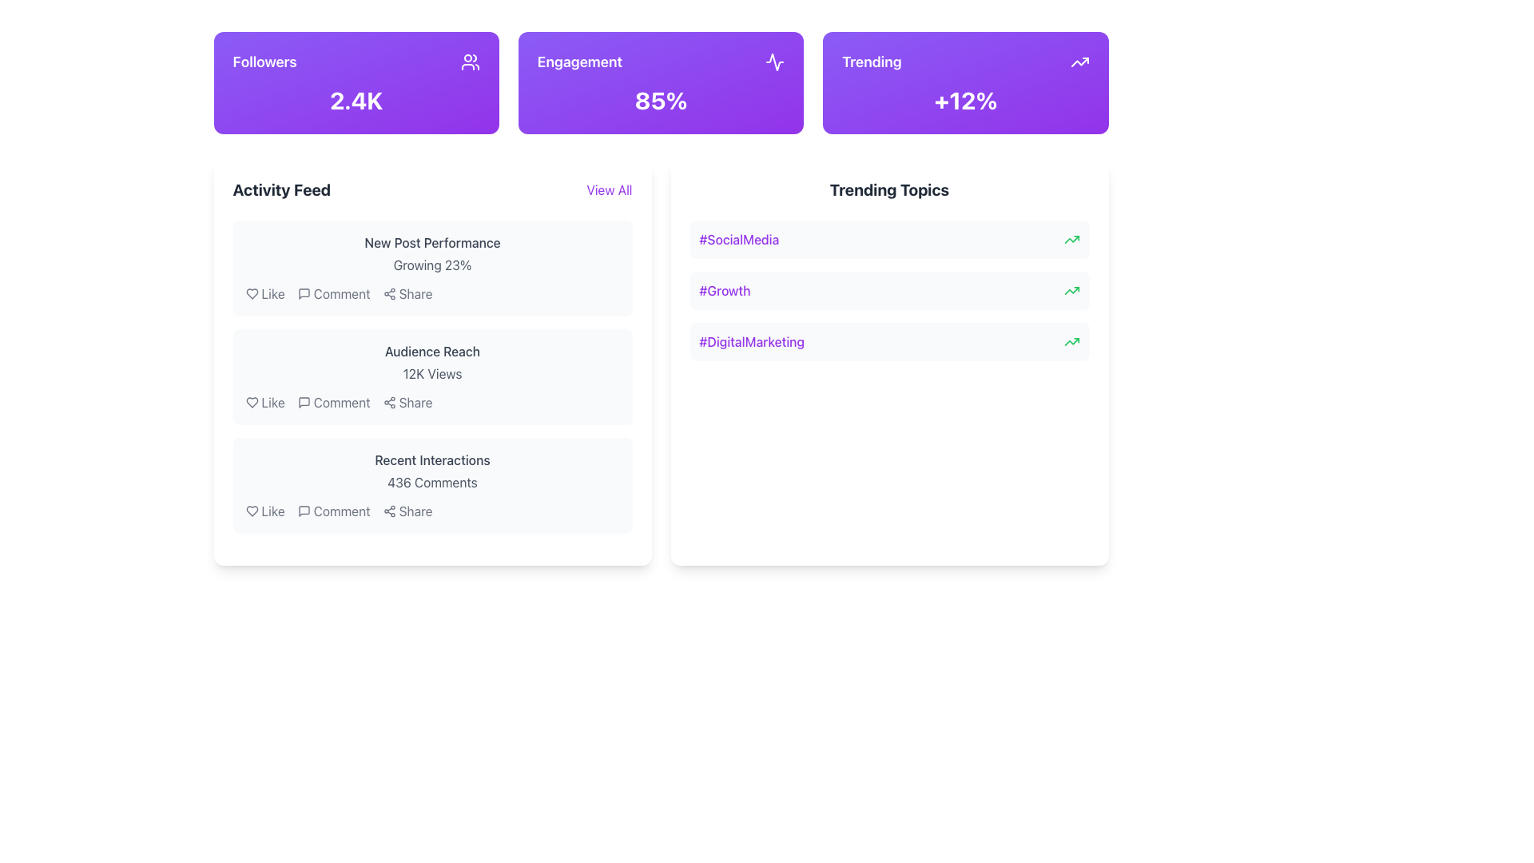  Describe the element at coordinates (333, 511) in the screenshot. I see `the 'Comment' button, the second interactive button in the horizontal group of 'Like', 'Comment', and 'Share' under the 'Recent Interactions' section in the 'Activity Feed'` at that location.